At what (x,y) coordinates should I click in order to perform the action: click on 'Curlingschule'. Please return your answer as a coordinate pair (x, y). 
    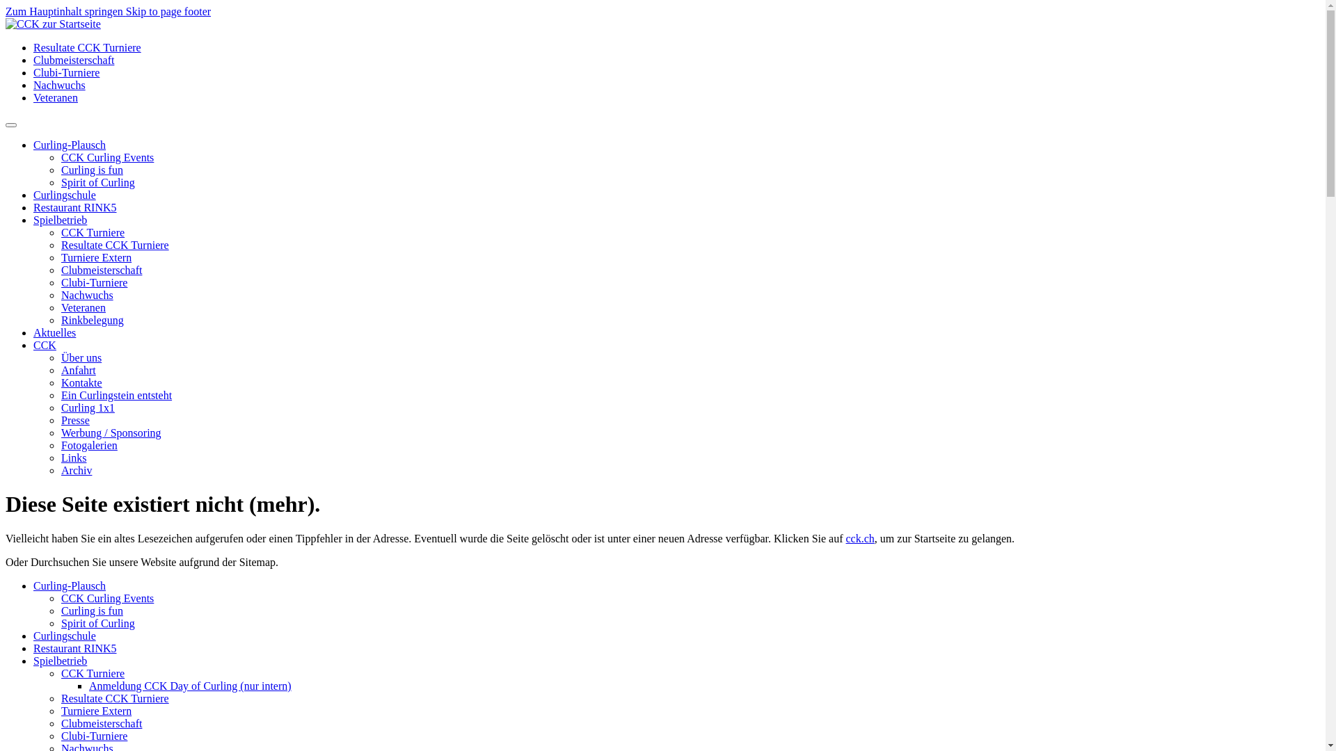
    Looking at the image, I should click on (63, 636).